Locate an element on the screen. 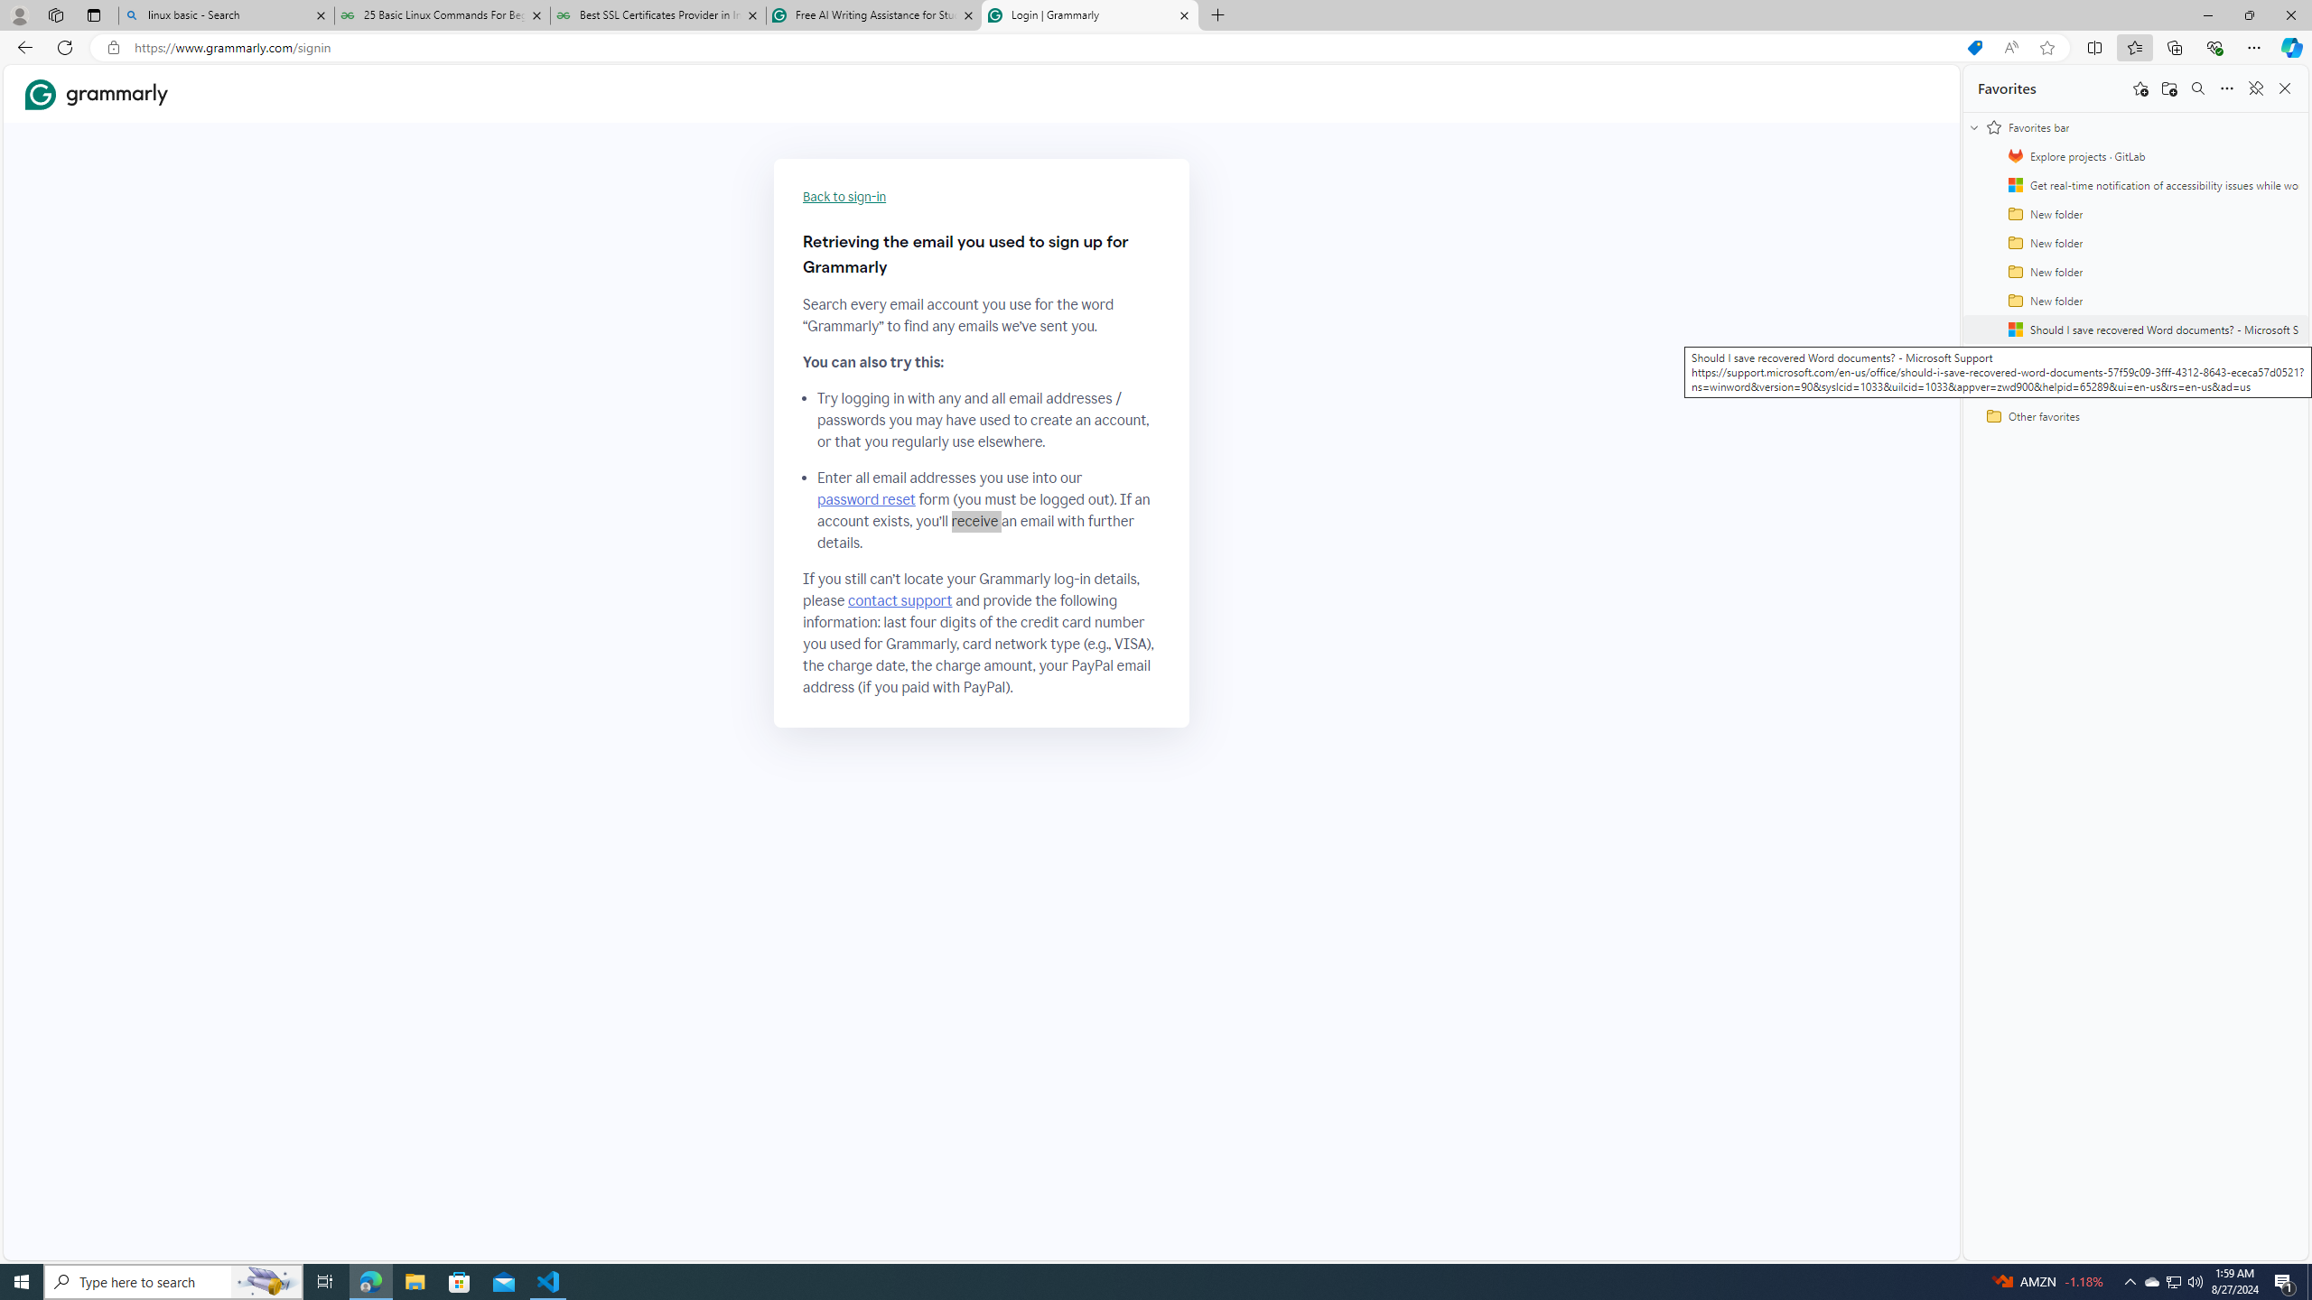  'Search favorites' is located at coordinates (2197, 87).